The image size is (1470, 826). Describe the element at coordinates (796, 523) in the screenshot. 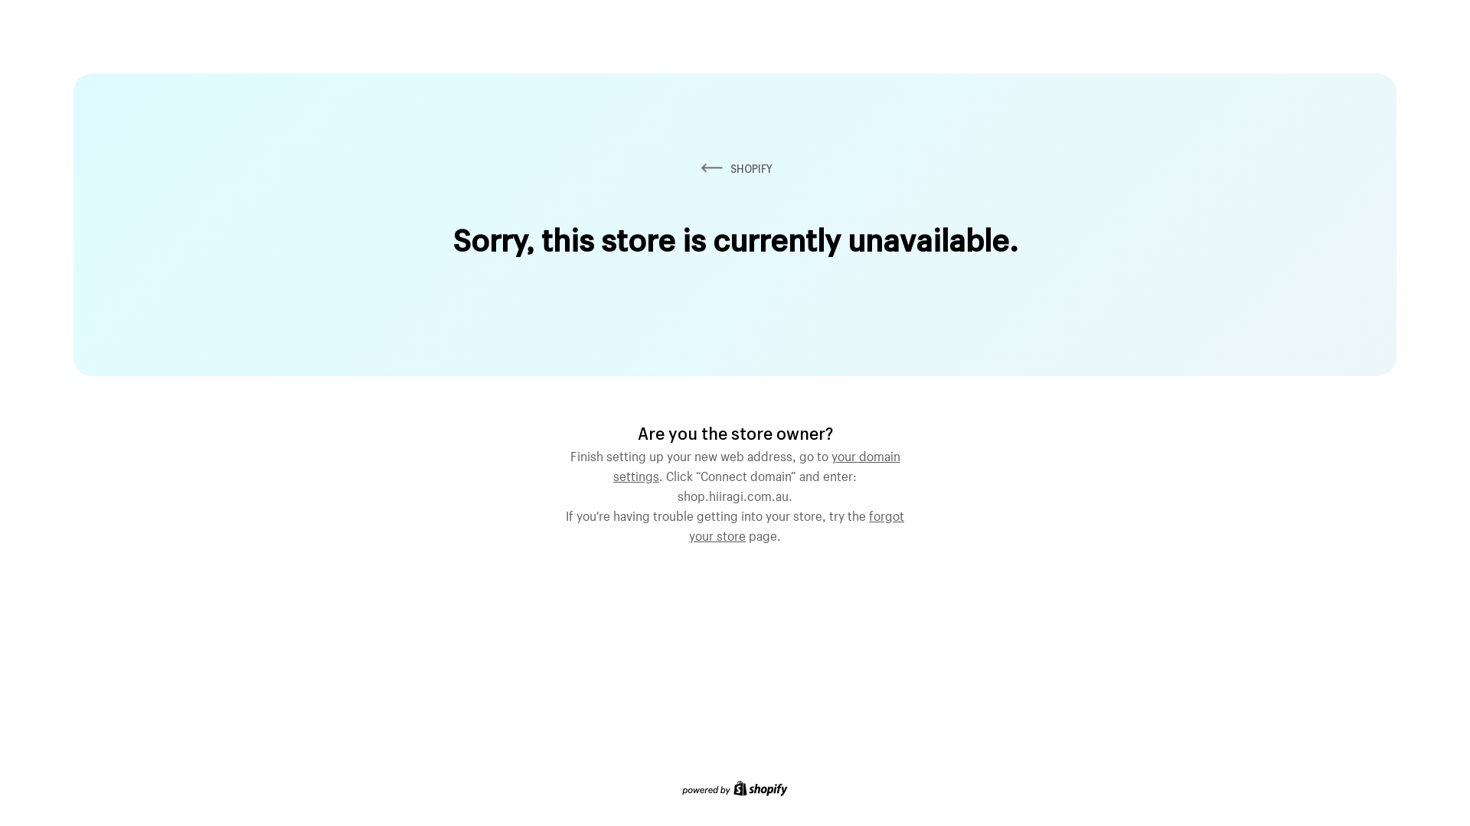

I see `'forgot your store'` at that location.